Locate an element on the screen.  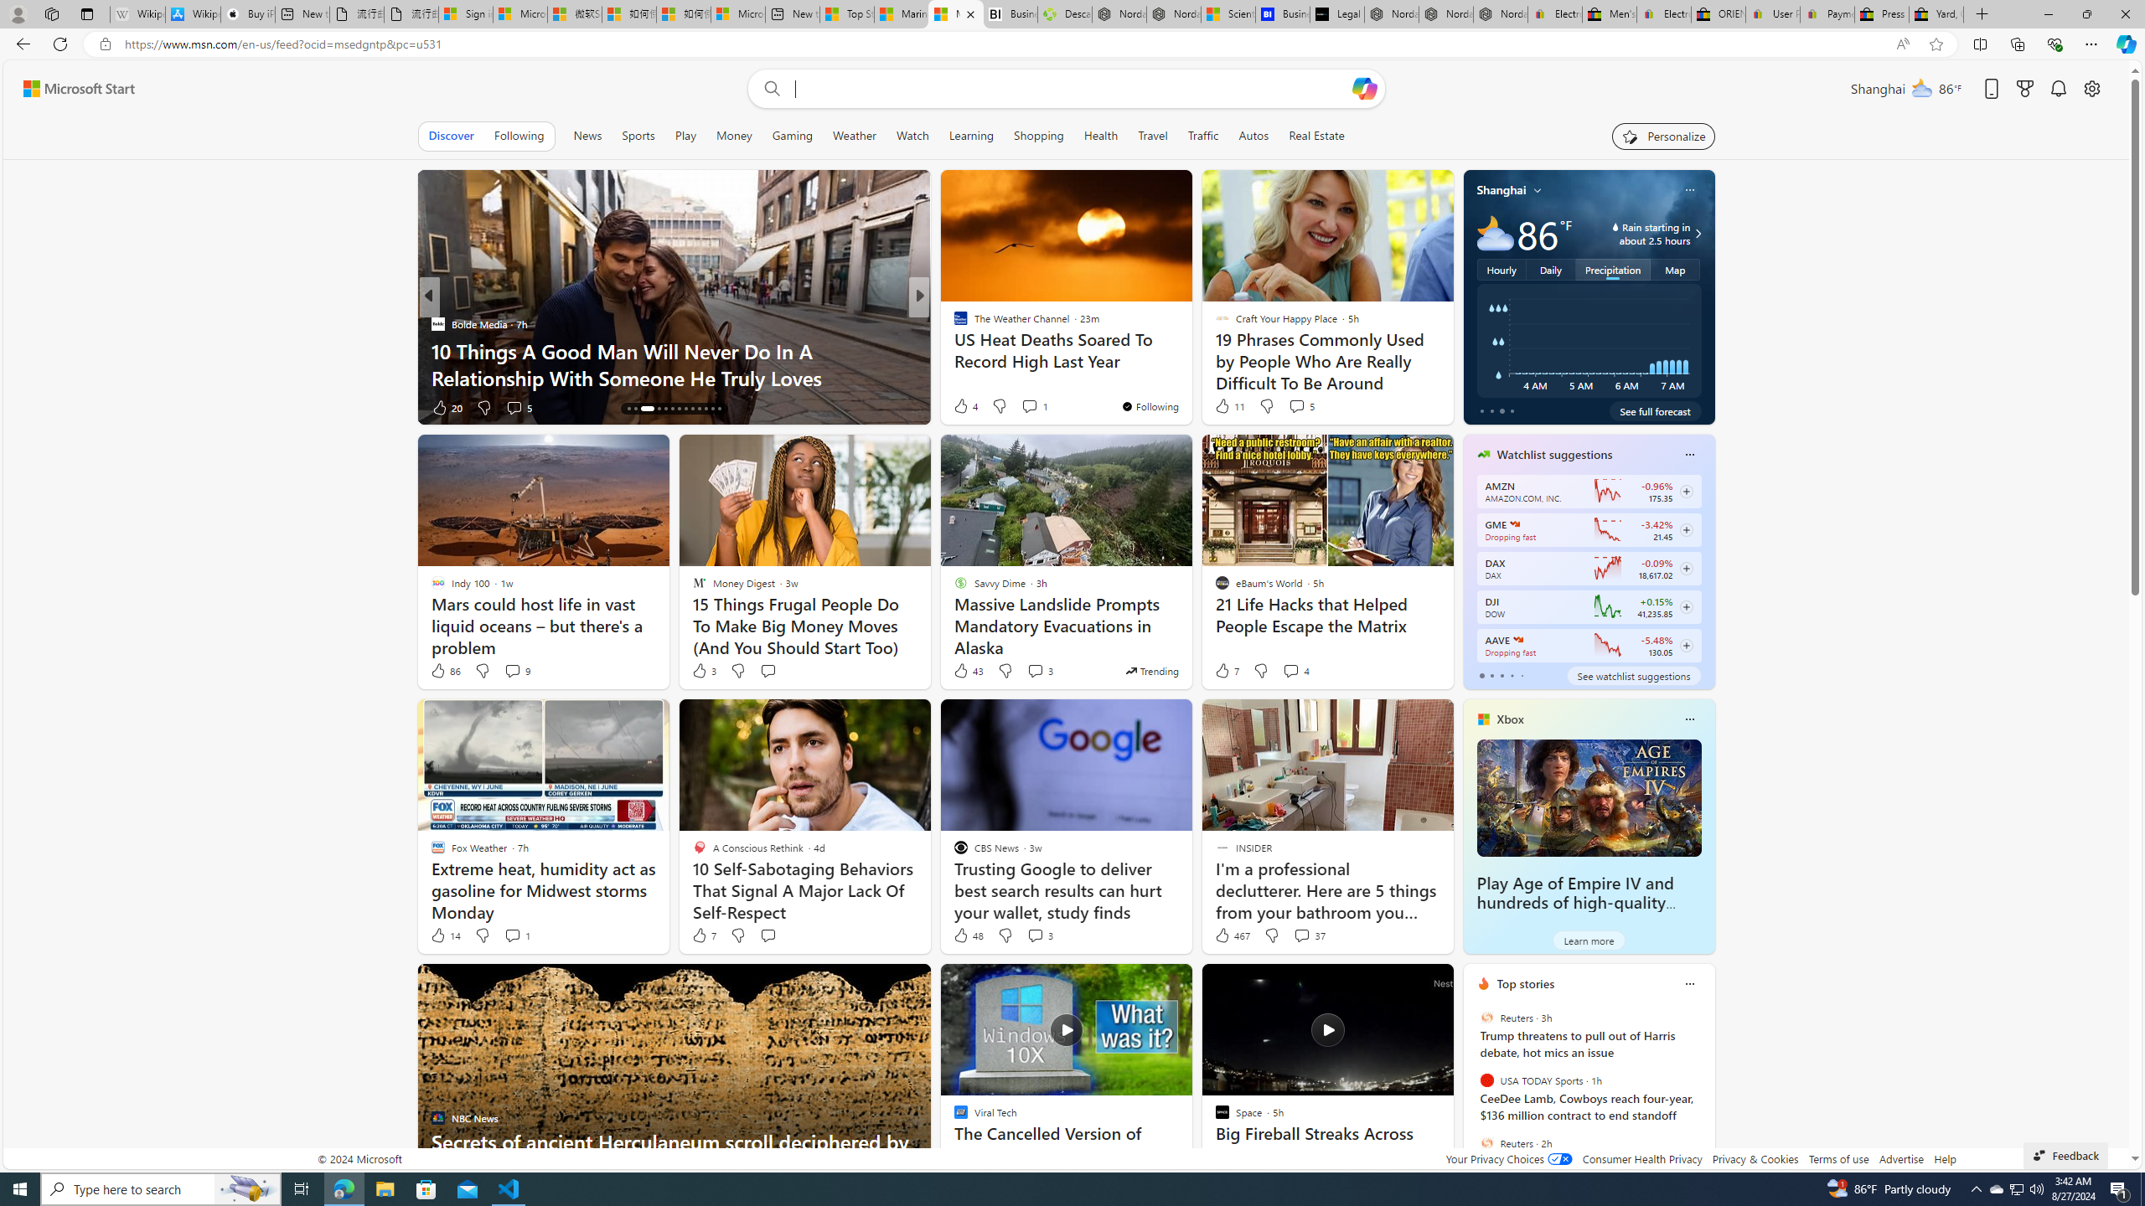
'14 Like' is located at coordinates (444, 934).